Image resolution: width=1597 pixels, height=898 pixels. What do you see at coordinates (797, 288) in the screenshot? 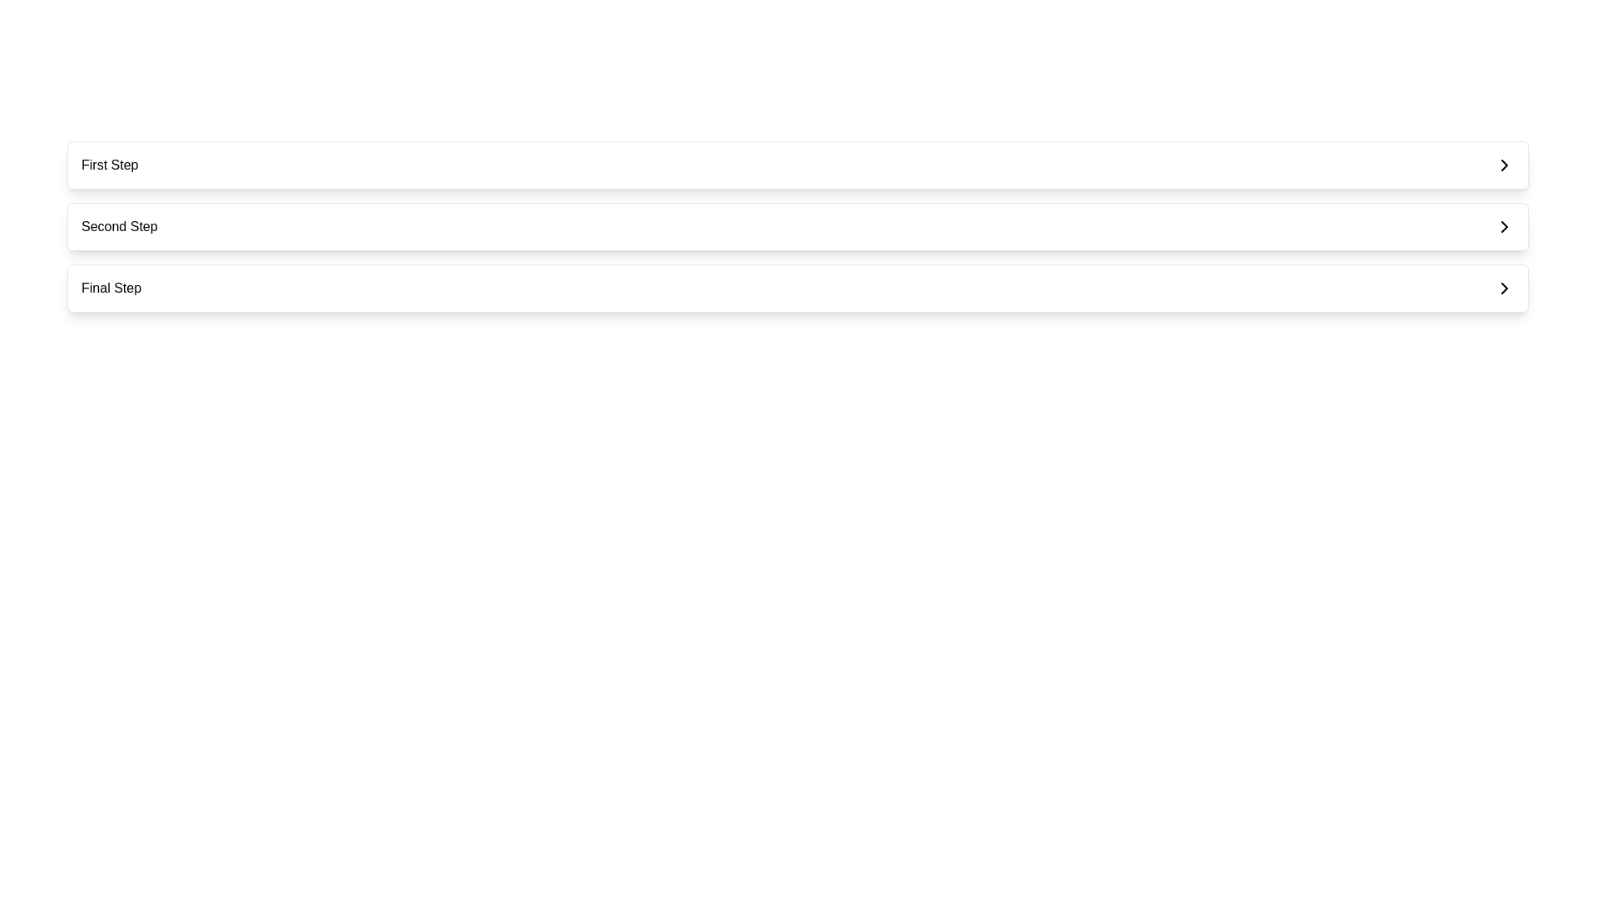
I see `the final step button located at the bottom of the vertically stacked list of steps` at bounding box center [797, 288].